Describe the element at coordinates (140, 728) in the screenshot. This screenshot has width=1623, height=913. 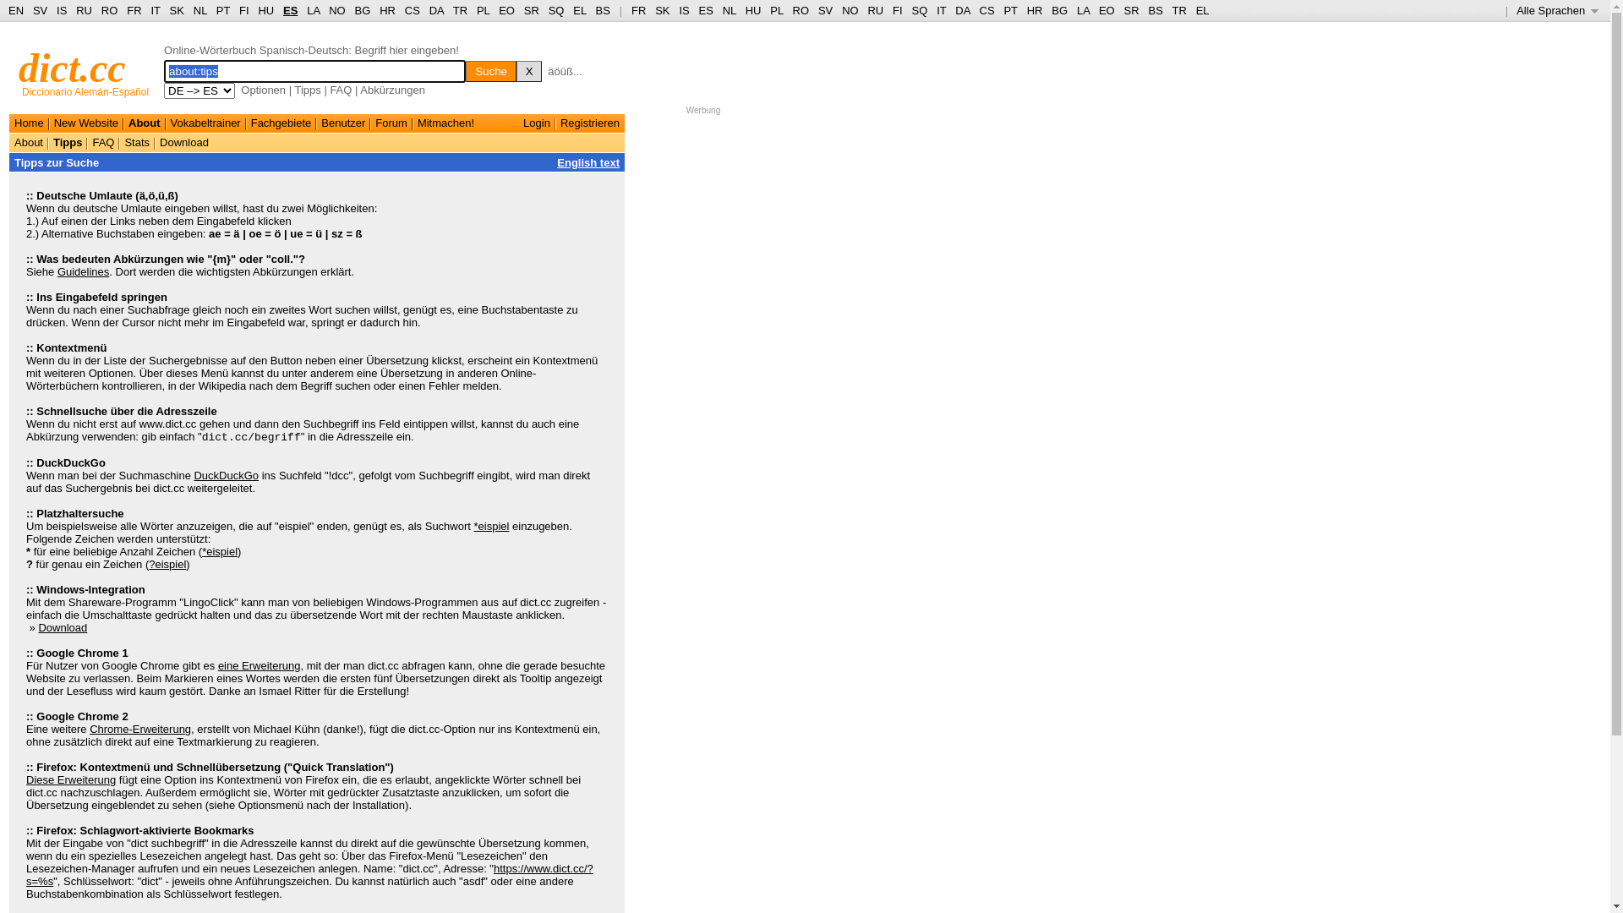
I see `'Chrome-Erweiterung'` at that location.